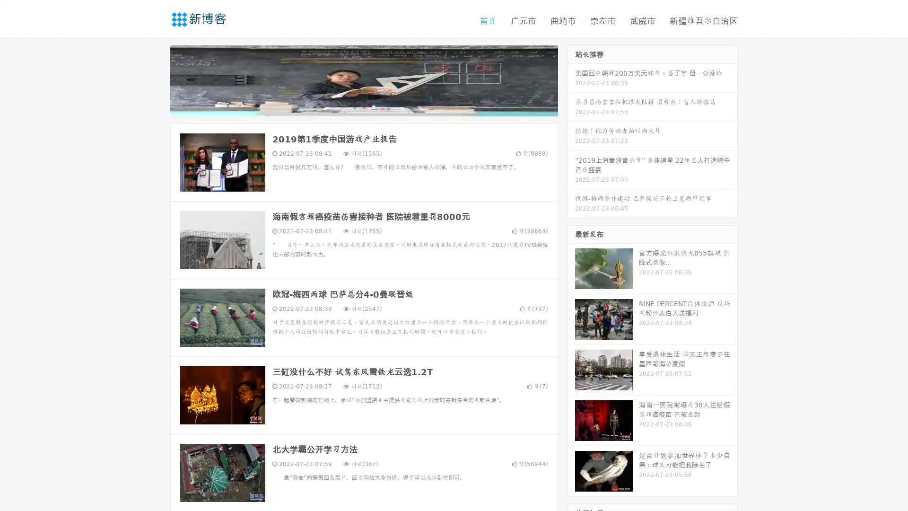 Image resolution: width=908 pixels, height=511 pixels. I want to click on Go to slide 1, so click(354, 106).